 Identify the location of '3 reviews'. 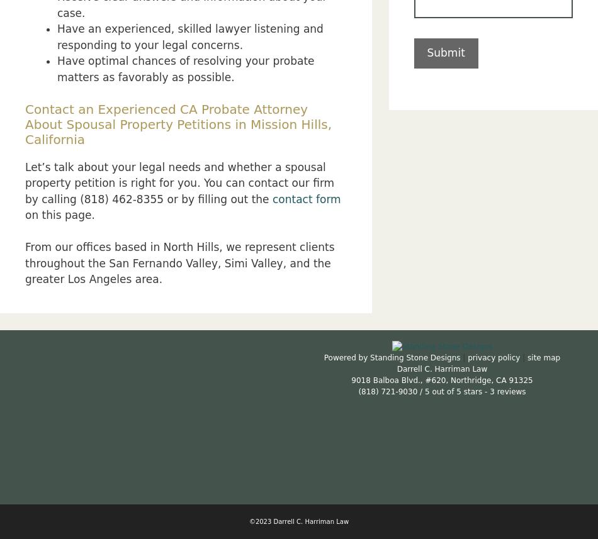
(507, 391).